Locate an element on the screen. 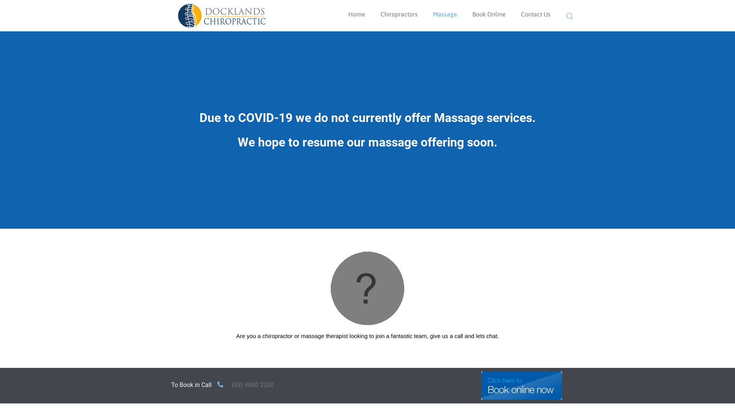 The image size is (735, 413). 'Massage' is located at coordinates (445, 14).